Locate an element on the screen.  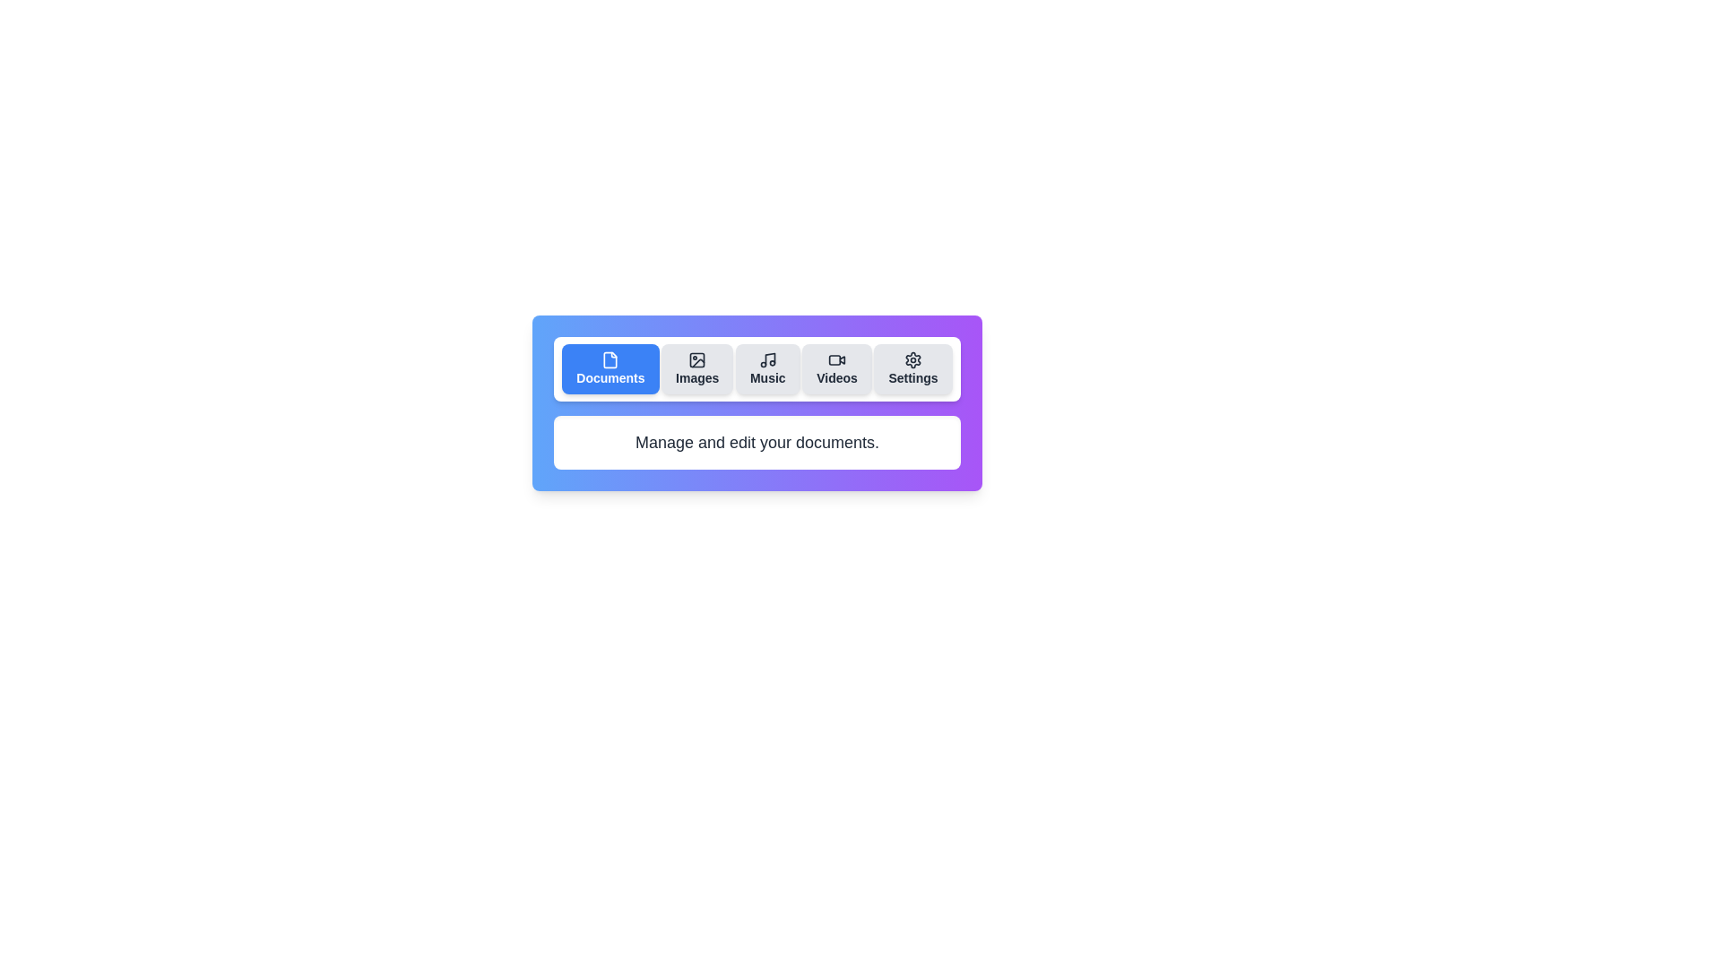
the tab labeled Settings is located at coordinates (912, 368).